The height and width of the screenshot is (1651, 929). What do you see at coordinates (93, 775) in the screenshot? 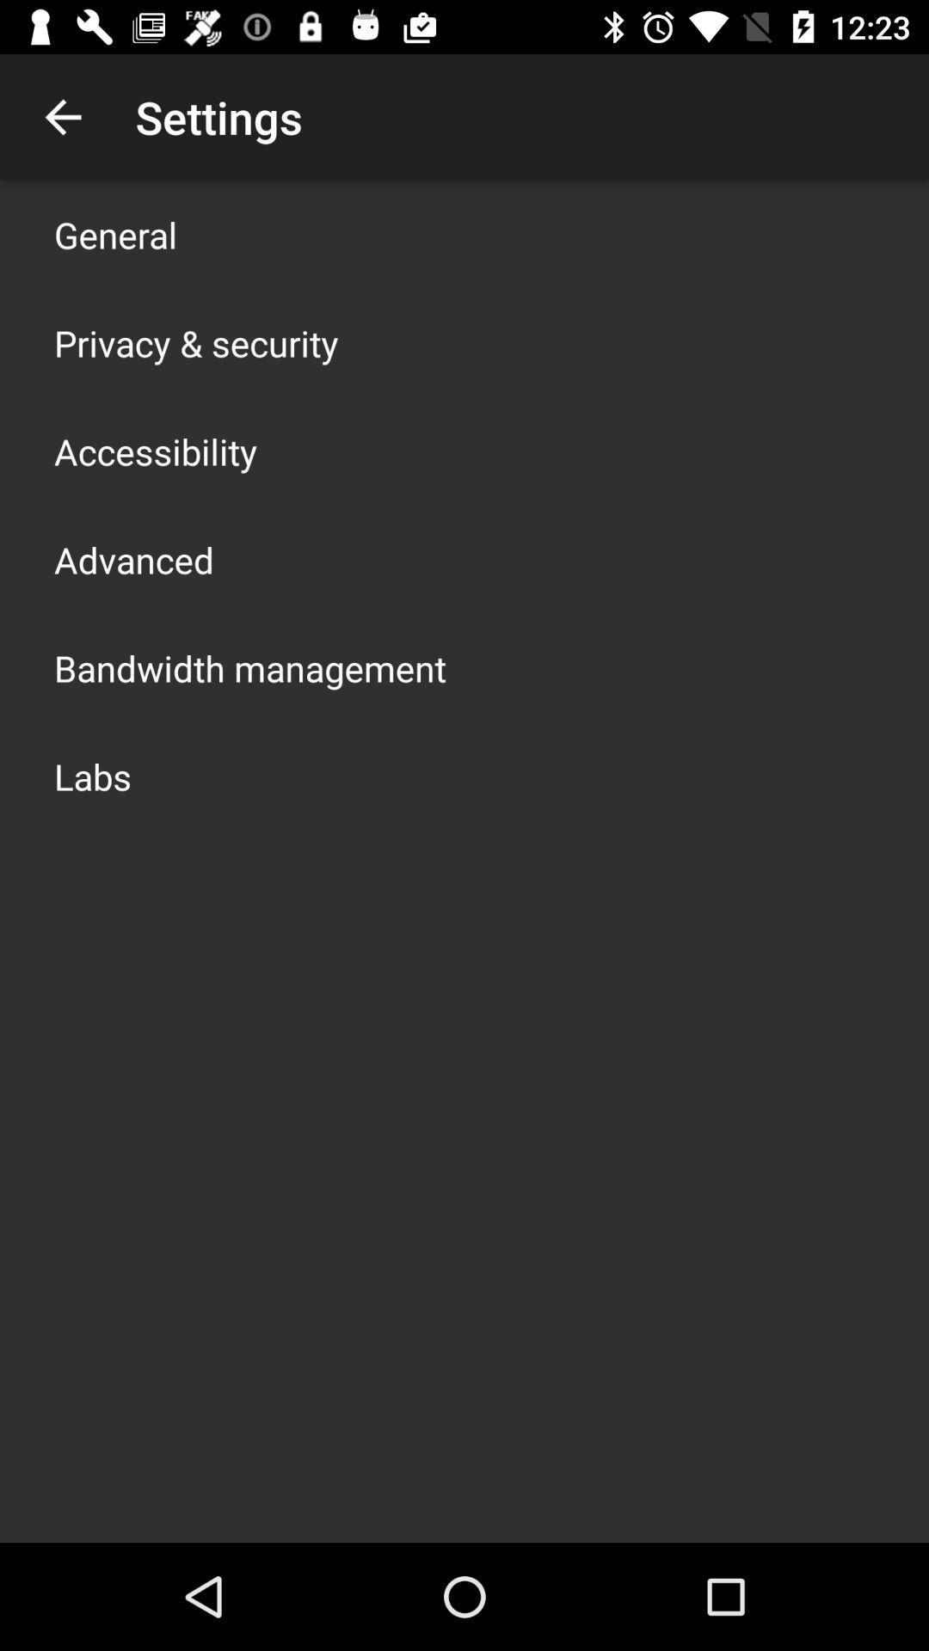
I see `labs icon` at bounding box center [93, 775].